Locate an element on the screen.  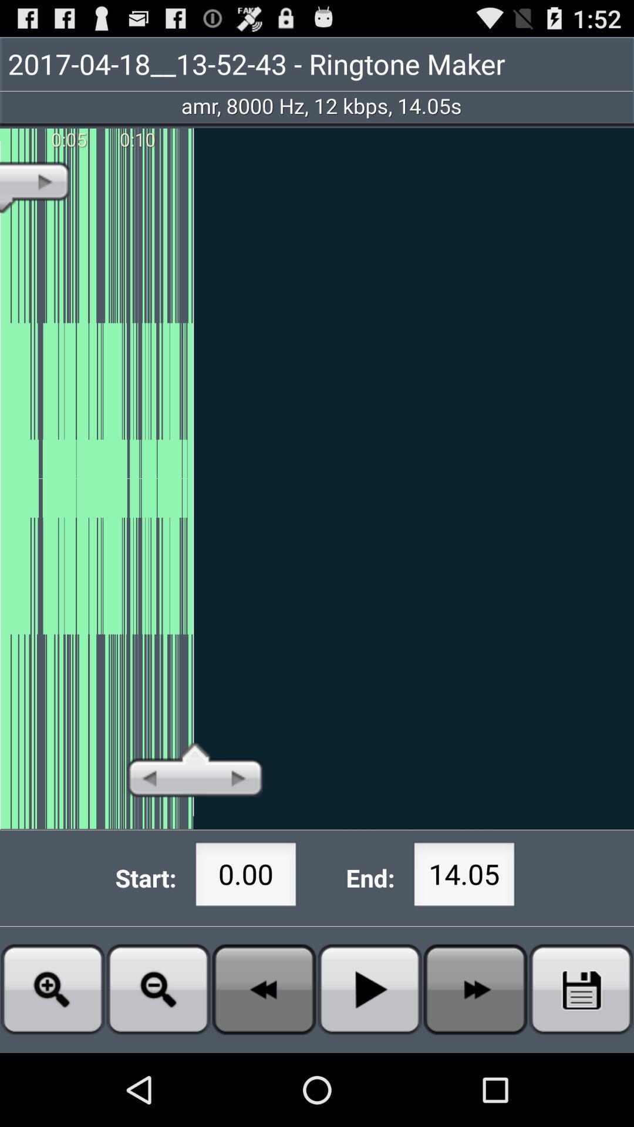
clip is located at coordinates (581, 988).